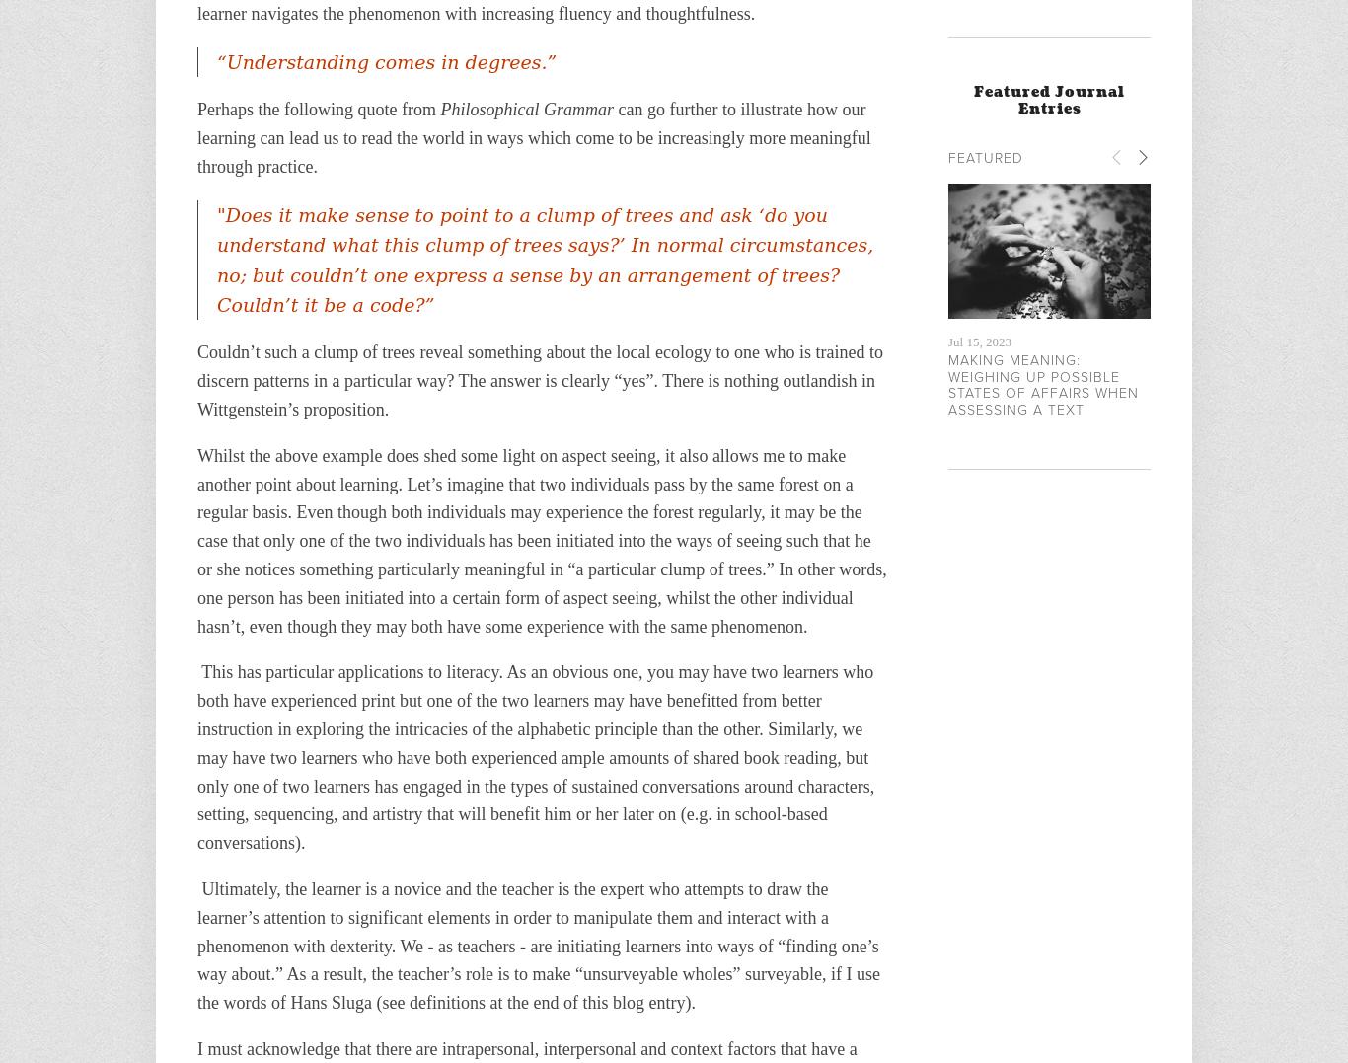 This screenshot has height=1063, width=1348. What do you see at coordinates (985, 158) in the screenshot?
I see `'Featured'` at bounding box center [985, 158].